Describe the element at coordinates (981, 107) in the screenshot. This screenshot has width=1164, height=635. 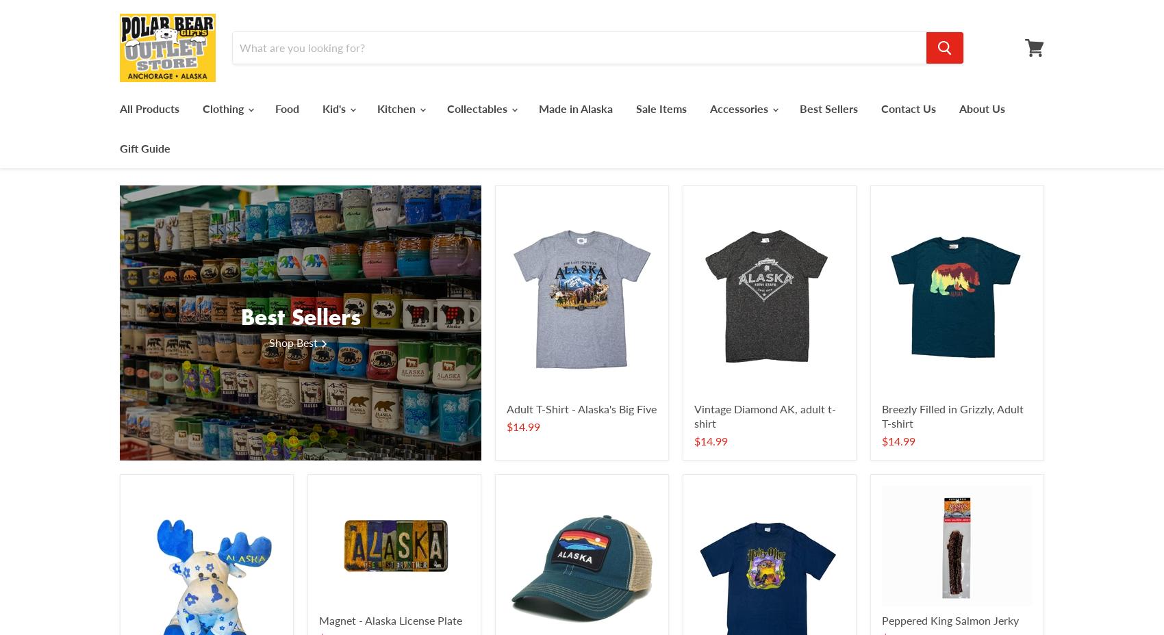
I see `'About Us'` at that location.